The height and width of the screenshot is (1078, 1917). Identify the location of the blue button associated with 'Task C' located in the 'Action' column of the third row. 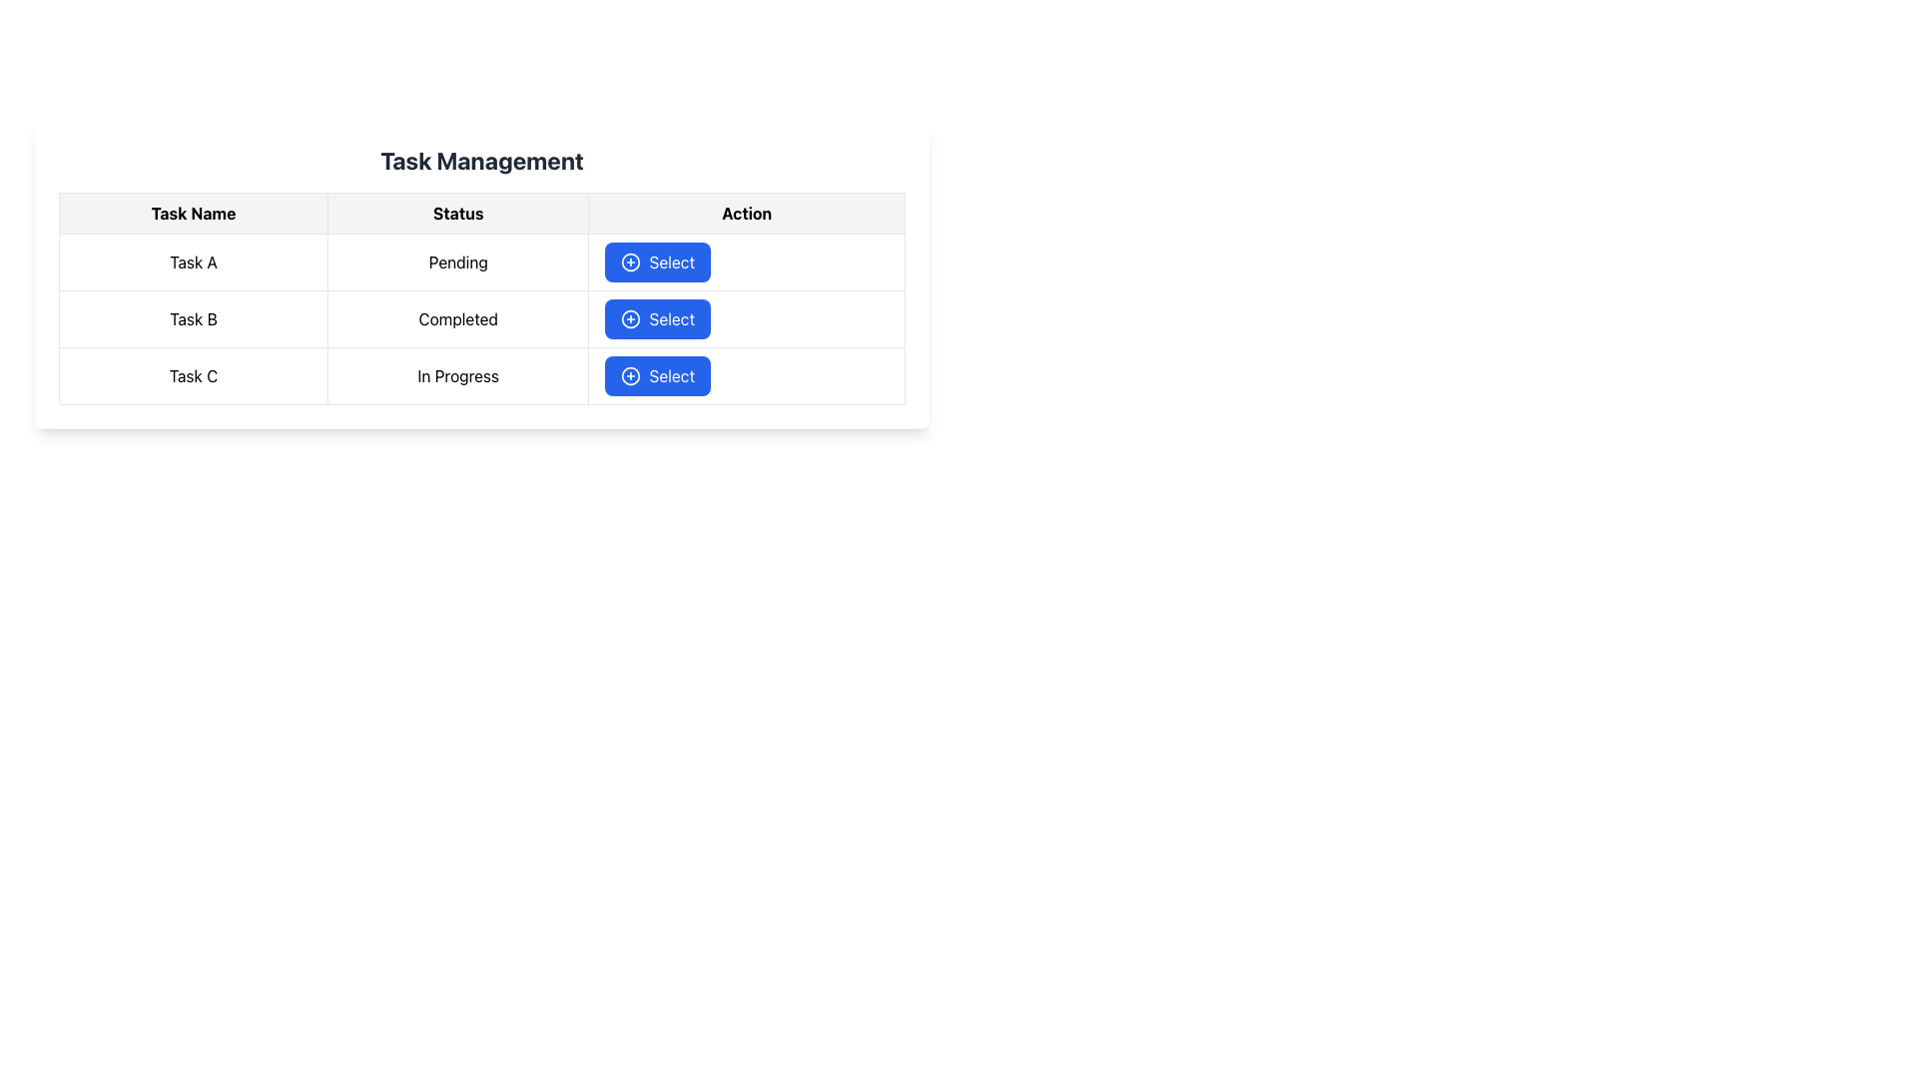
(630, 376).